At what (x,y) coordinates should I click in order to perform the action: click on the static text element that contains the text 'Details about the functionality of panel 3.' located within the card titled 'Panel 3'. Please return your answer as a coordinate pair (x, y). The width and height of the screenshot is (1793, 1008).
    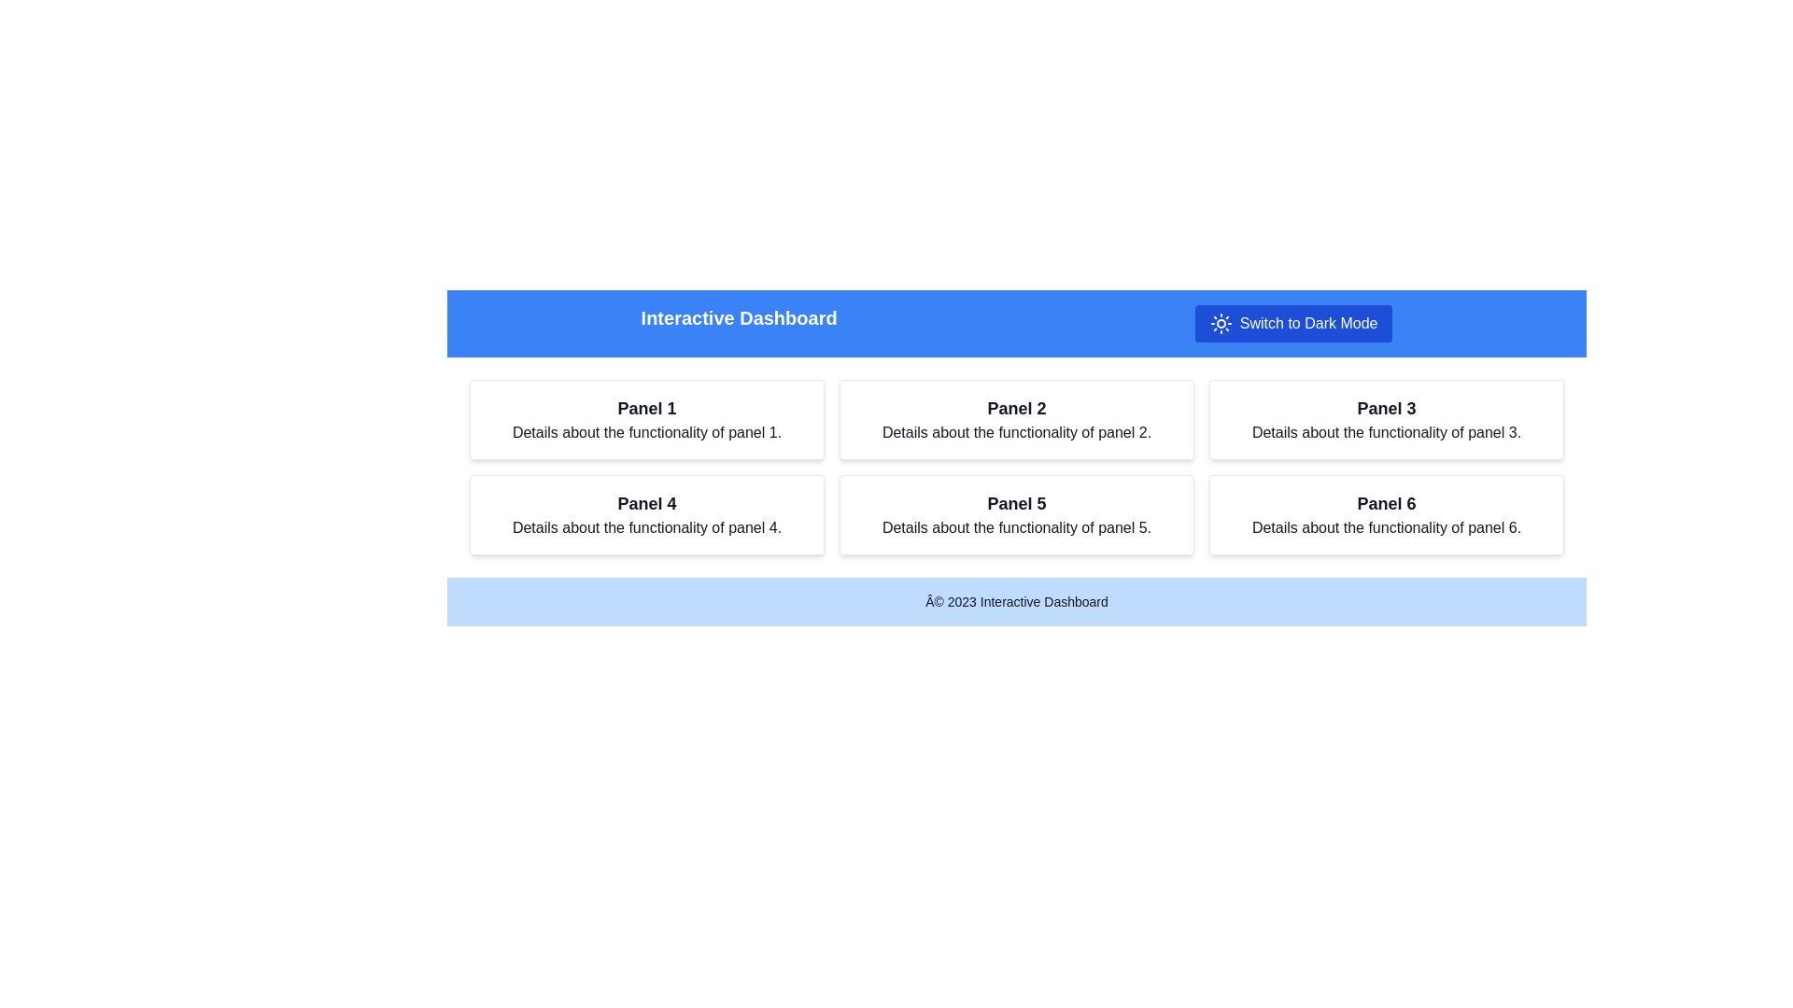
    Looking at the image, I should click on (1386, 432).